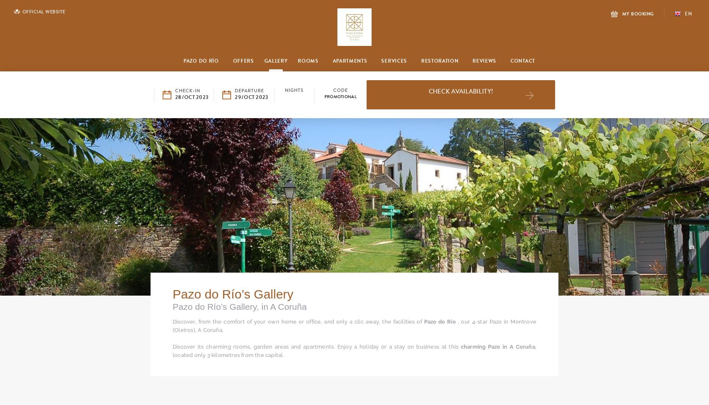 The width and height of the screenshot is (709, 405). Describe the element at coordinates (682, 13) in the screenshot. I see `'en'` at that location.